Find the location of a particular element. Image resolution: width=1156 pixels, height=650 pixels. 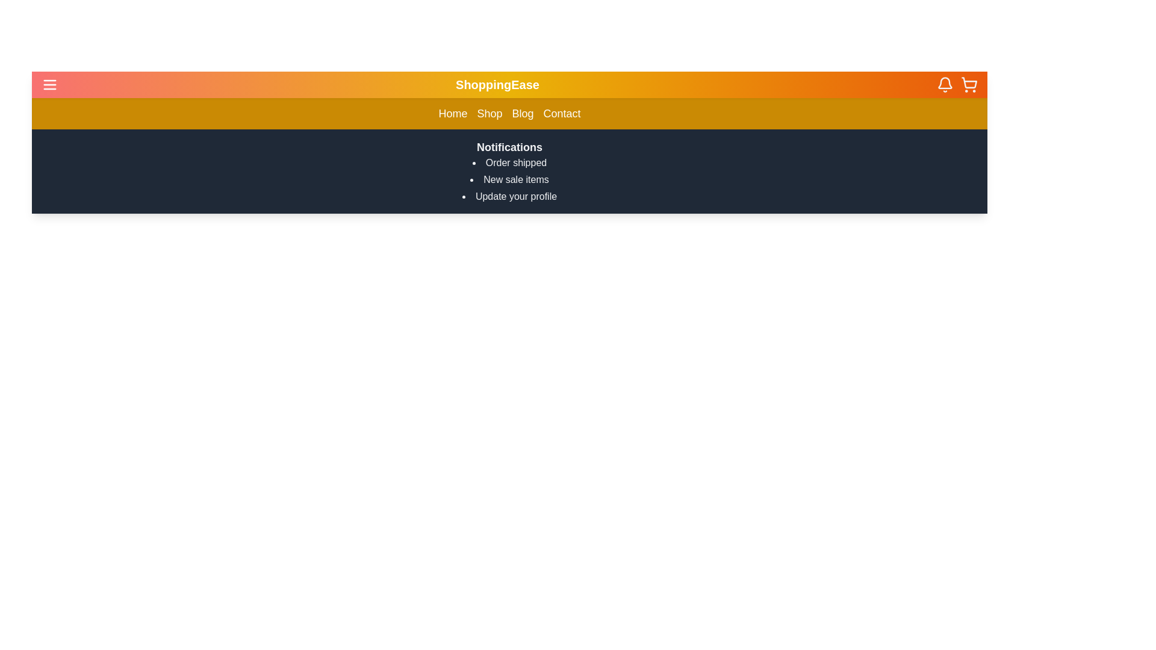

the orange shopping cart IconButton located in the upper right corner of the navigation bar to trigger a tooltip or visual effect is located at coordinates (969, 82).